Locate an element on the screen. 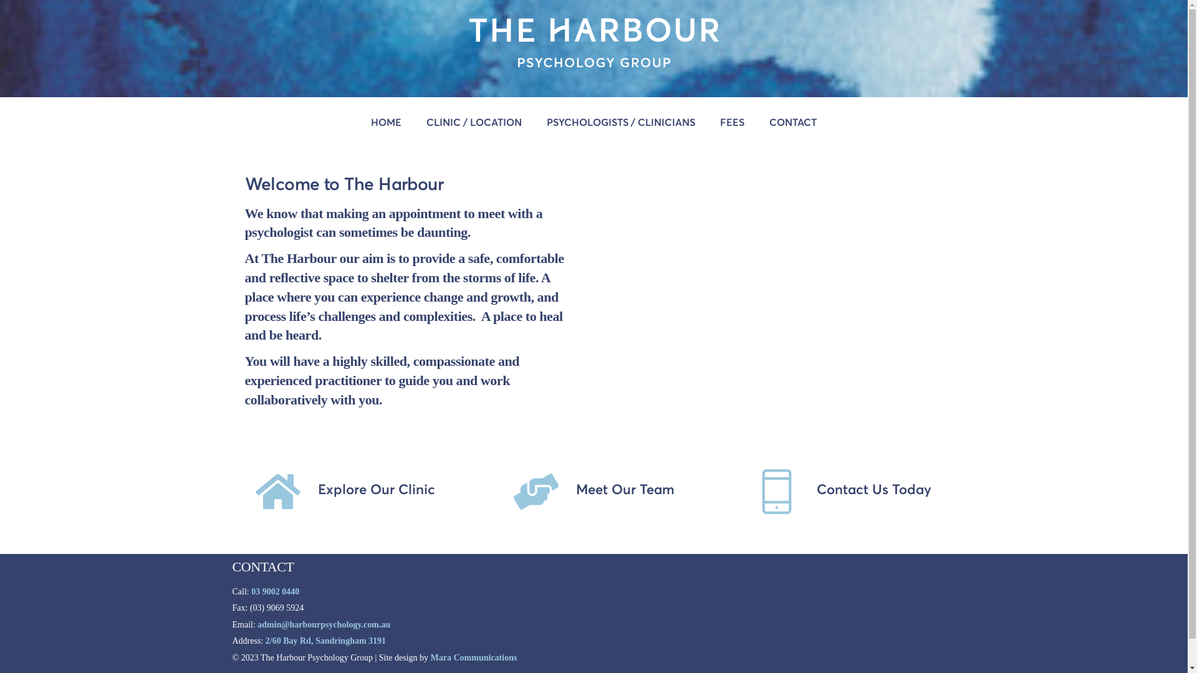  'PSYCHOLOGISTS / CLINICIANS' is located at coordinates (621, 122).